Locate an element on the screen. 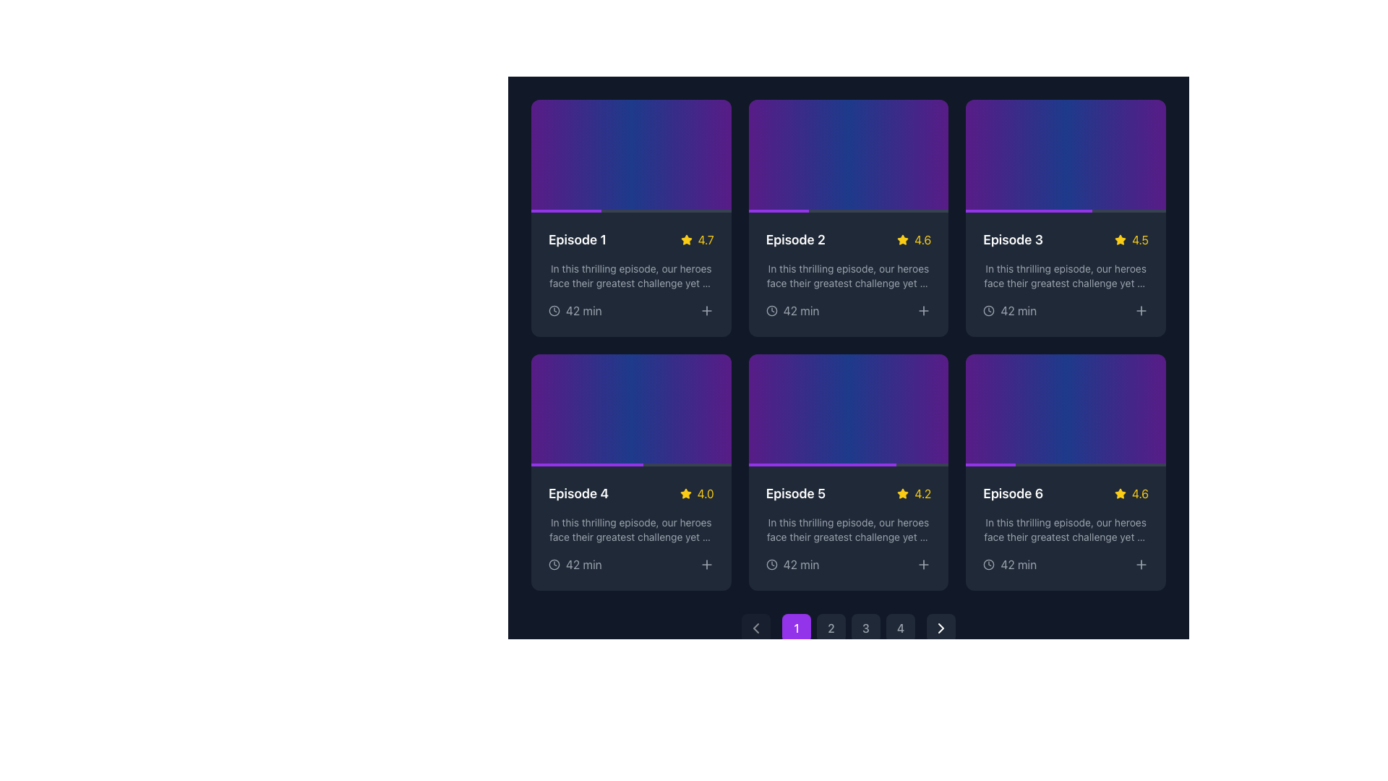 The image size is (1388, 781). the decorative icon indicating the duration of 'Episode 3', located to the left of the text '42 min' is located at coordinates (988, 310).